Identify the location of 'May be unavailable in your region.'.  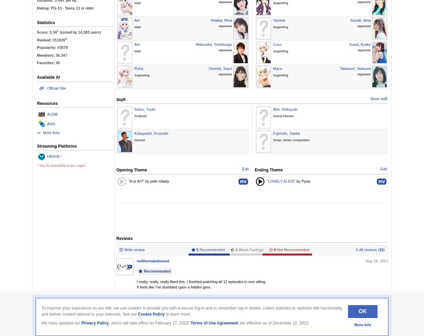
(62, 165).